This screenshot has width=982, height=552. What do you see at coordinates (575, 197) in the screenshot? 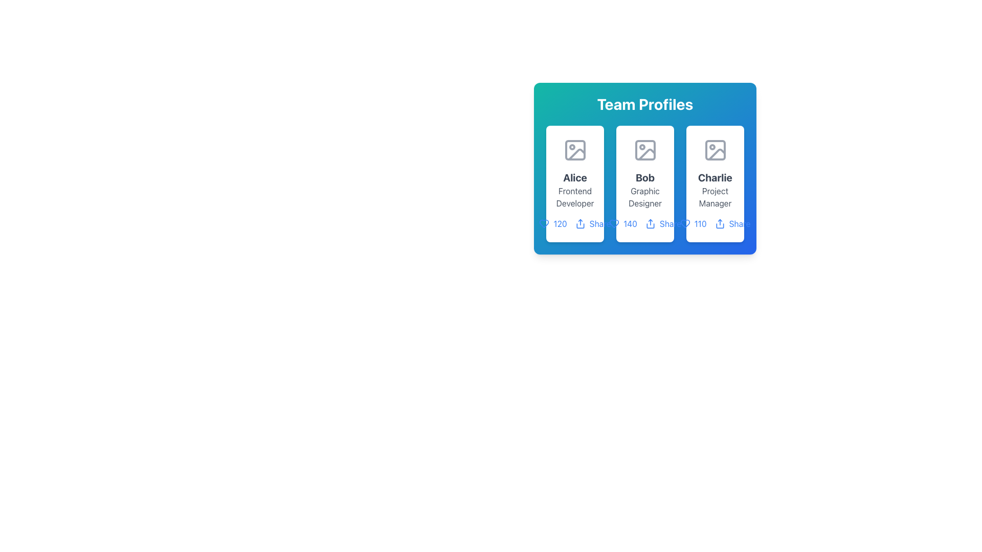
I see `the job title text for the individual named 'Alice' in the leftmost team profile card, which is located directly beneath the title and above the interaction area` at bounding box center [575, 197].